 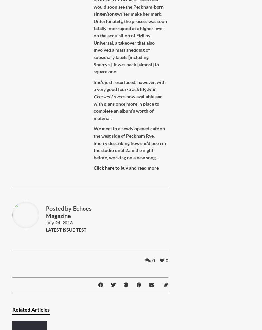 I want to click on 'Click here to buy and read more', so click(x=125, y=167).